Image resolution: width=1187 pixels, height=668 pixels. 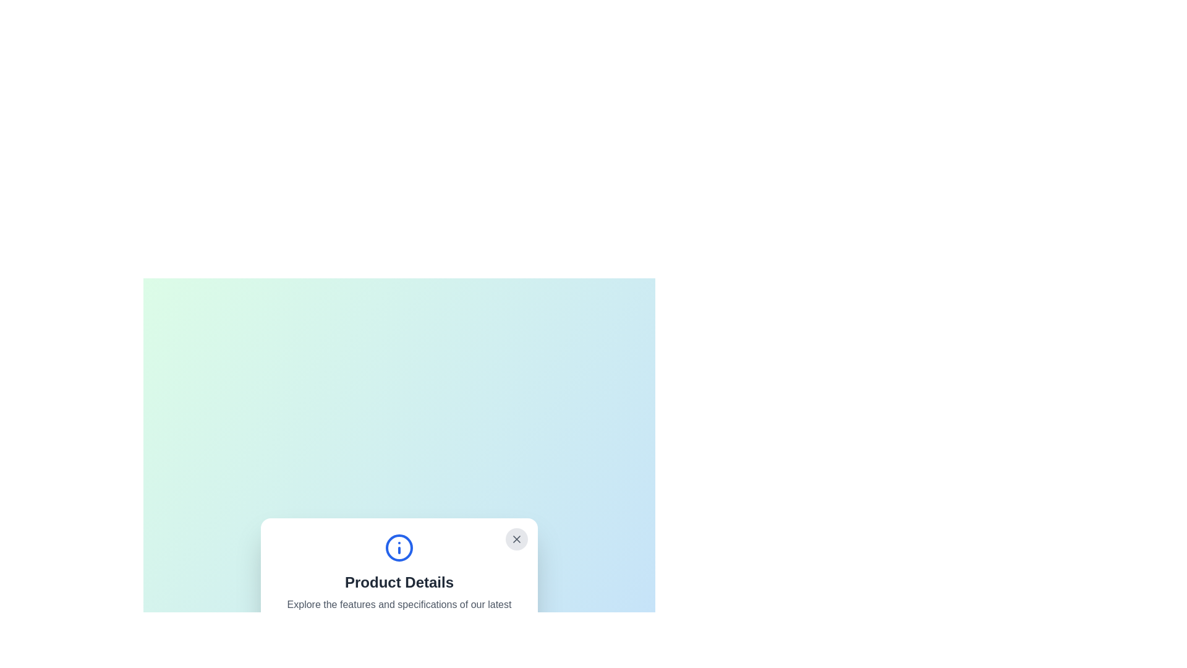 I want to click on the 'X' icon in the top-right corner of the product details section, so click(x=516, y=538).